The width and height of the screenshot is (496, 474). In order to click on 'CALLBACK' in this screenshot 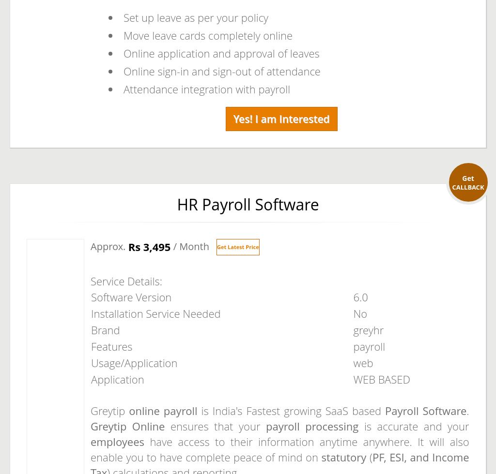, I will do `click(468, 187)`.